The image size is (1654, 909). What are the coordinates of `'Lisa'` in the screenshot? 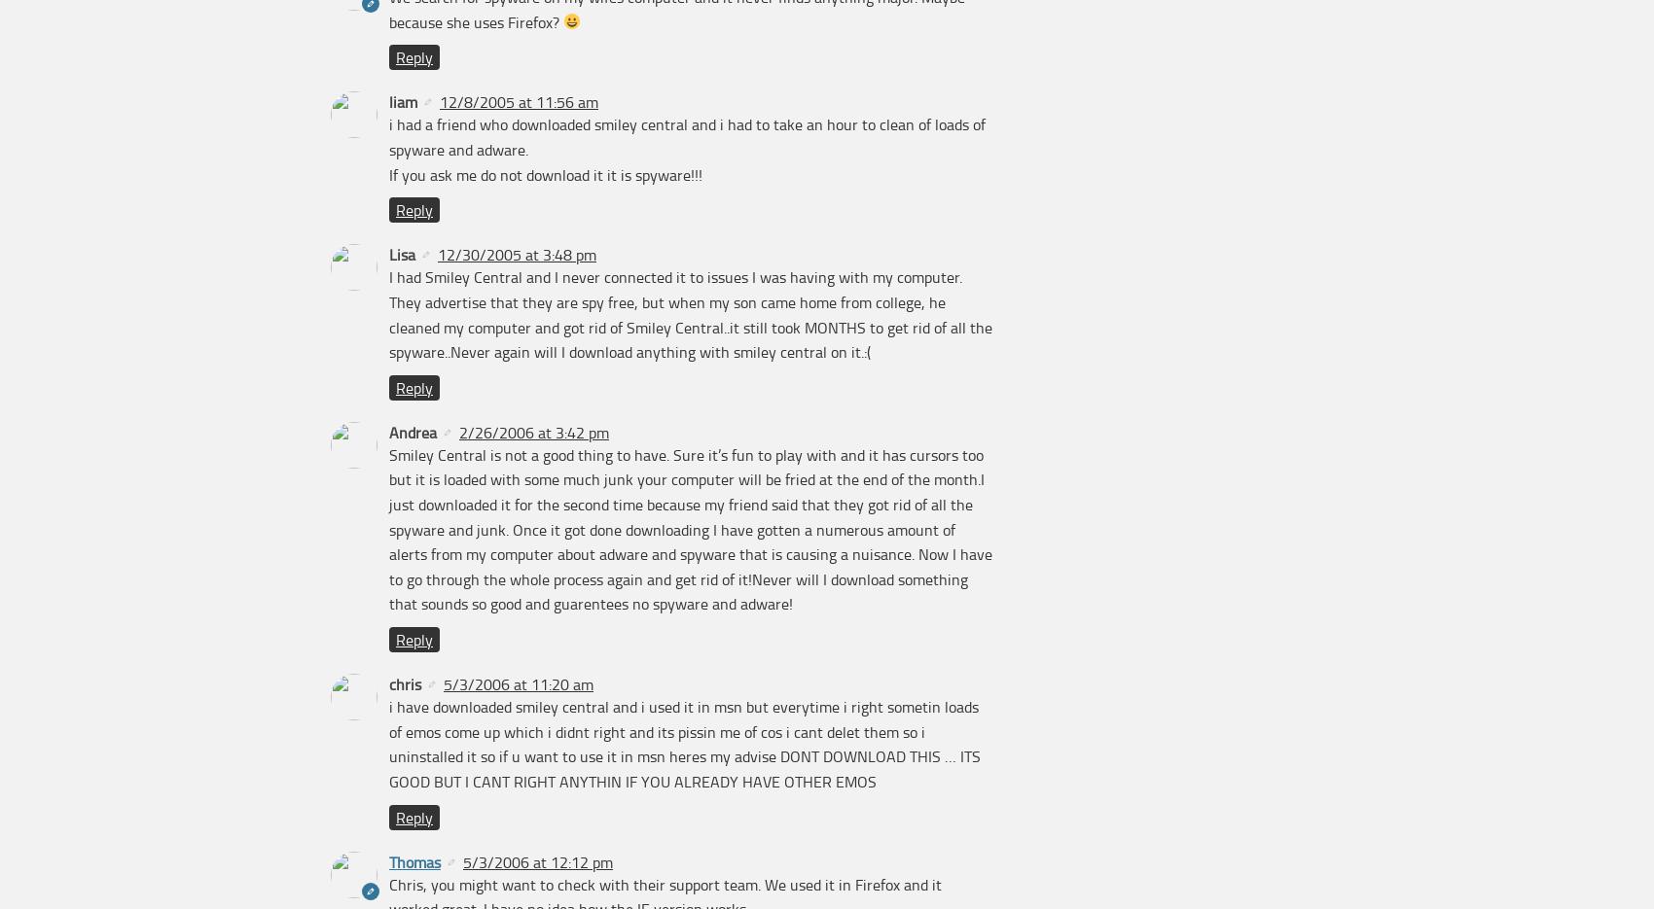 It's located at (401, 253).